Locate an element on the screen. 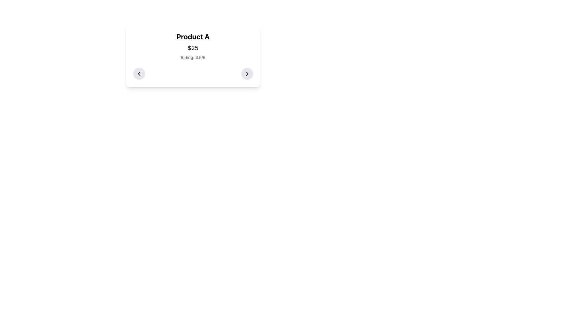  the right-facing chevron arrow SVG icon within the circular button located at the far-right side of the card component for 'Product A' is located at coordinates (247, 73).